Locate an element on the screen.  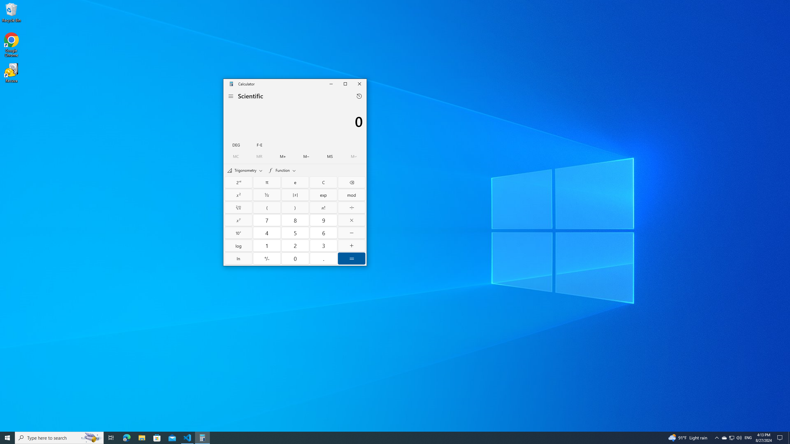
''X' is located at coordinates (239, 220).